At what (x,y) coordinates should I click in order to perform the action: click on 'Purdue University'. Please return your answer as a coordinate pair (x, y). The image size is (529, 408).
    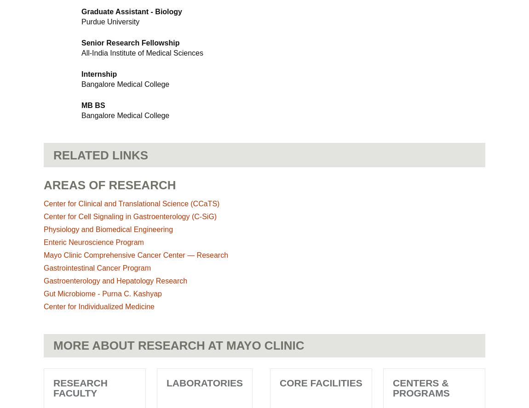
    Looking at the image, I should click on (110, 22).